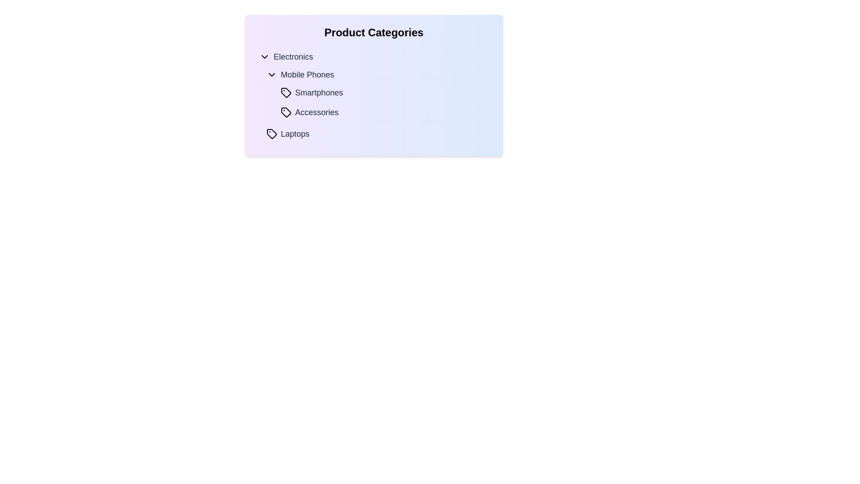  Describe the element at coordinates (271, 134) in the screenshot. I see `the tag icon located within the 'Laptops' menu entry in the 'Product Categories' sidebar, which is depicted as a rectangular shape with a small circle inside it, and is styled with a black outline over a white background` at that location.